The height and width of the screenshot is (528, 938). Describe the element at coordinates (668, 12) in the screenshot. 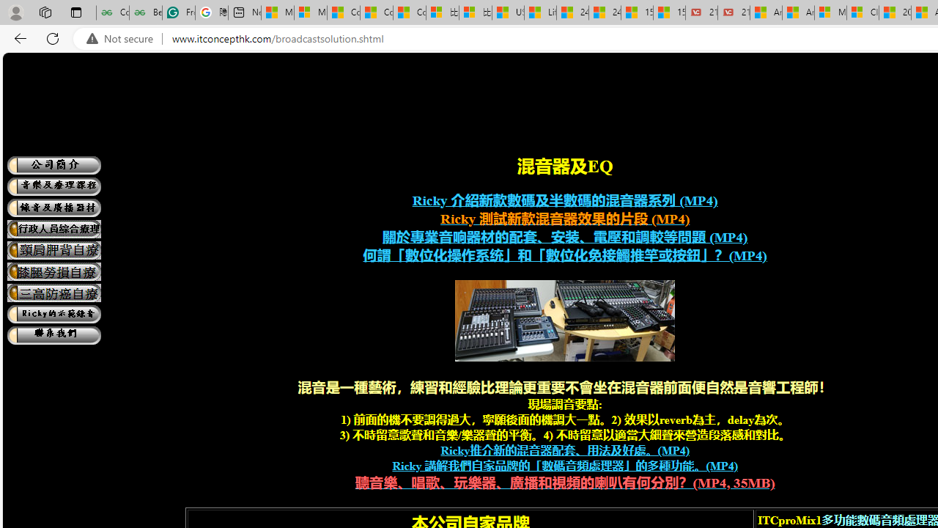

I see `'15 Ways Modern Life Contradicts the Teachings of Jesus'` at that location.